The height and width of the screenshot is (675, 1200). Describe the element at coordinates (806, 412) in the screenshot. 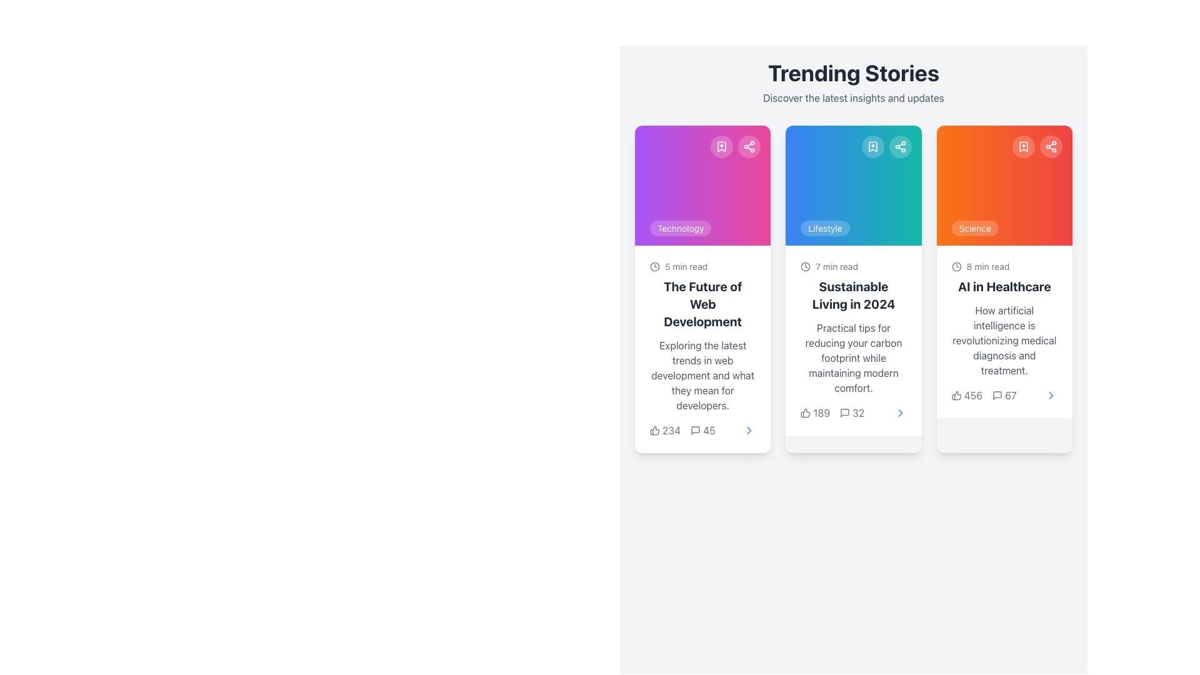

I see `the thumbs-up icon, which is a simplistic linear design located in the middle card under 'Trending Stories', adjacent to the numeric label '189'` at that location.